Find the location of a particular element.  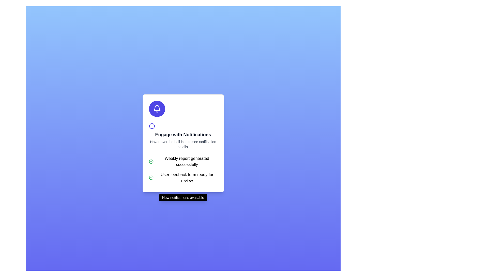

prominent title text 'Engage with Notifications' which is styled in bold and large font, located at the center of a white modal box is located at coordinates (183, 134).